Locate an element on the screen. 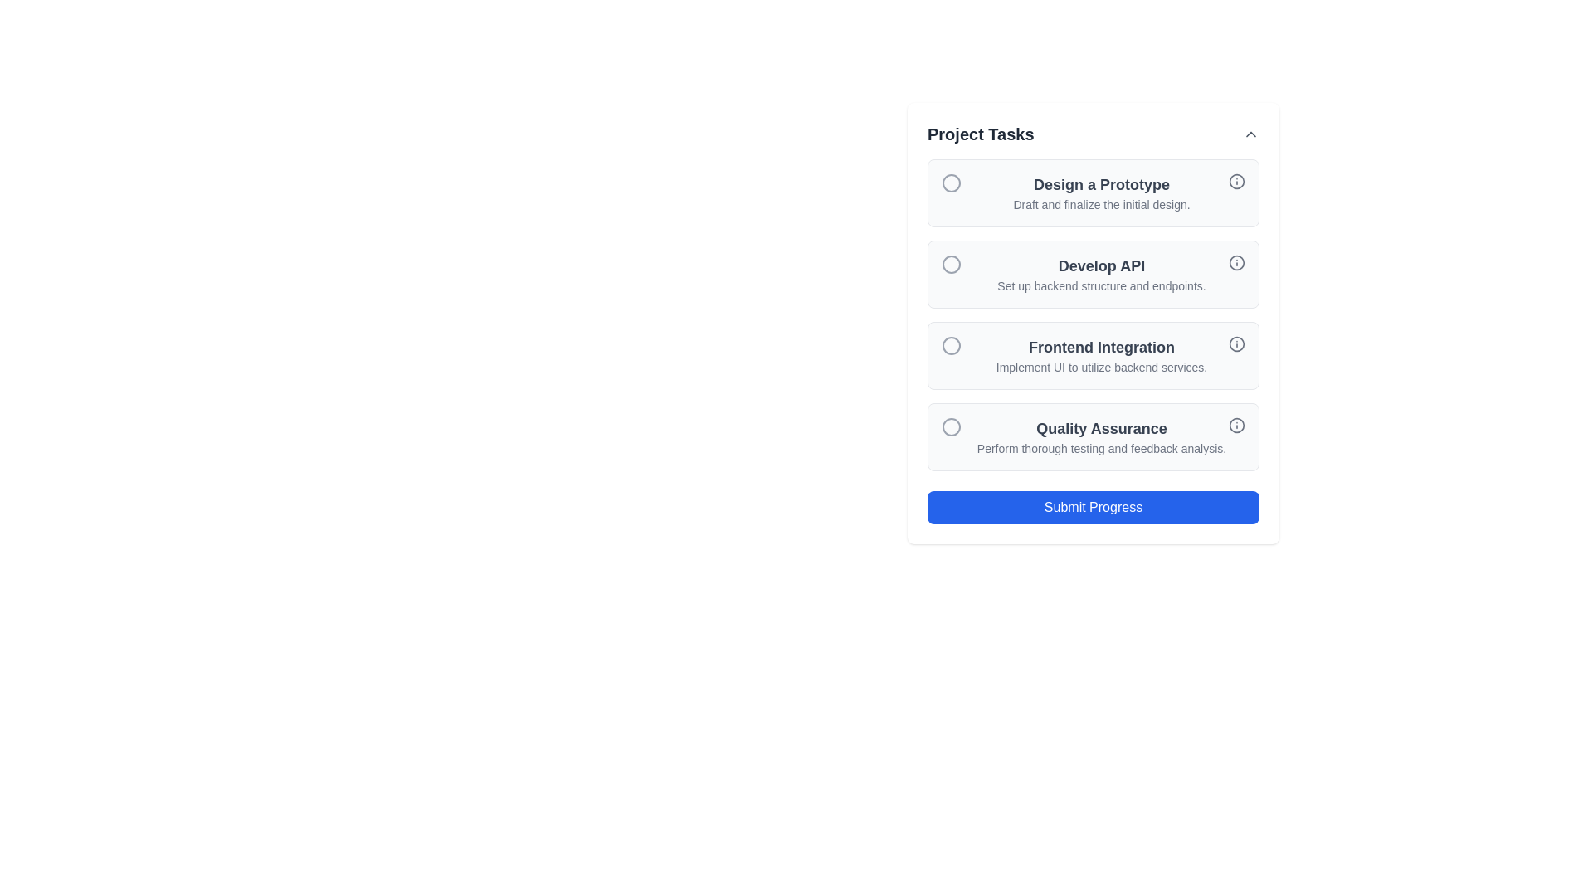 The width and height of the screenshot is (1593, 896). the text label displaying 'Frontend Integration', which is styled in bold and medium-large font, located within the third row of the 'Project Tasks' interface is located at coordinates (1102, 347).